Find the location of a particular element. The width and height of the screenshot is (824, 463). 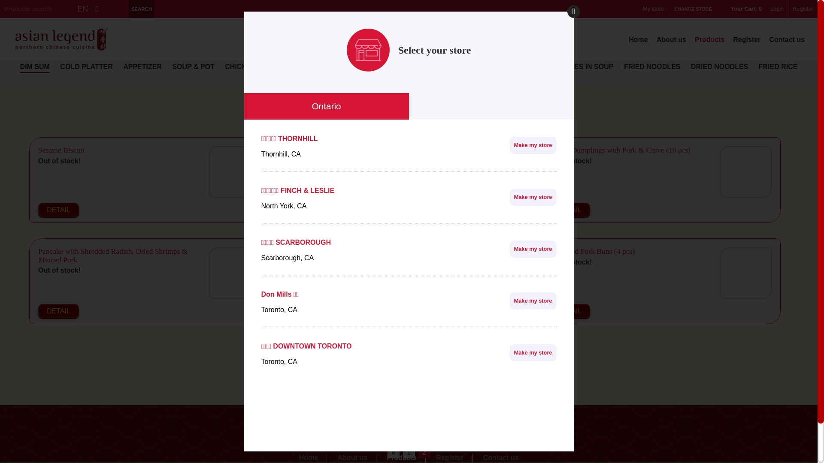

'CHICKEN & DUCK' is located at coordinates (254, 66).